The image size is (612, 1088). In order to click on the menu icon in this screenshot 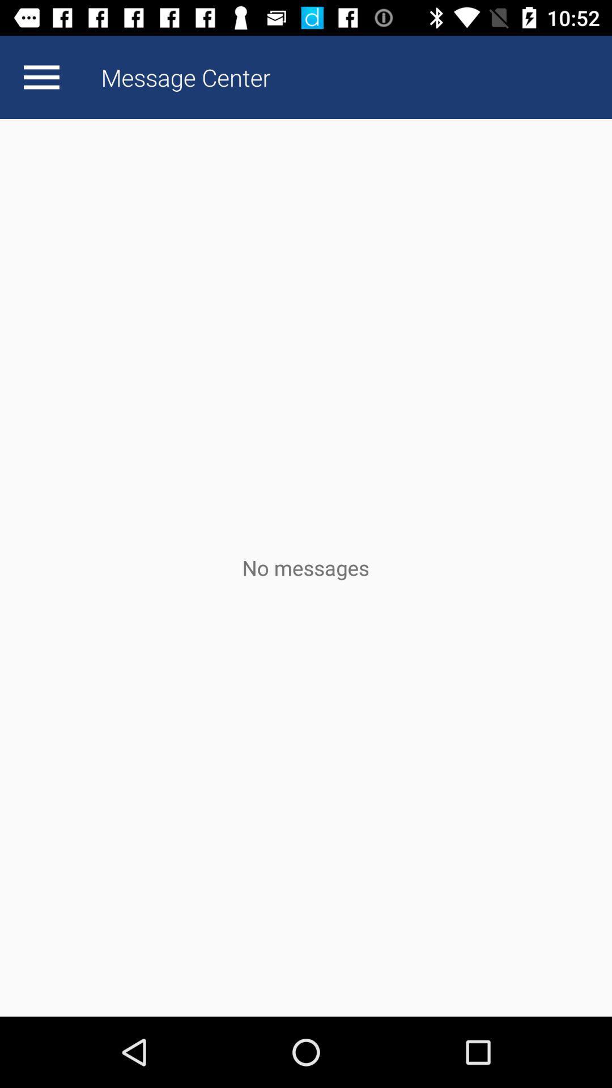, I will do `click(41, 76)`.